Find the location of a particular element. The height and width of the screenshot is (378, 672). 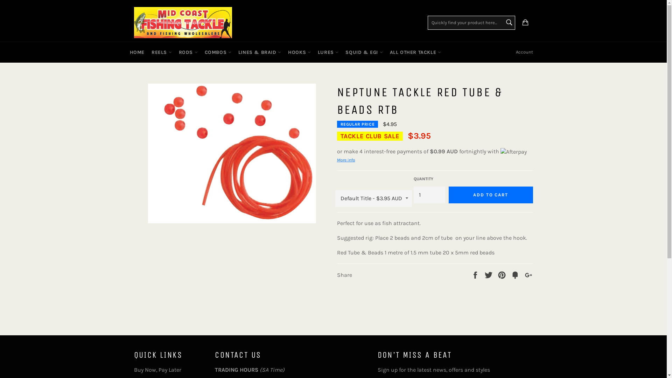

'REELS' is located at coordinates (161, 52).